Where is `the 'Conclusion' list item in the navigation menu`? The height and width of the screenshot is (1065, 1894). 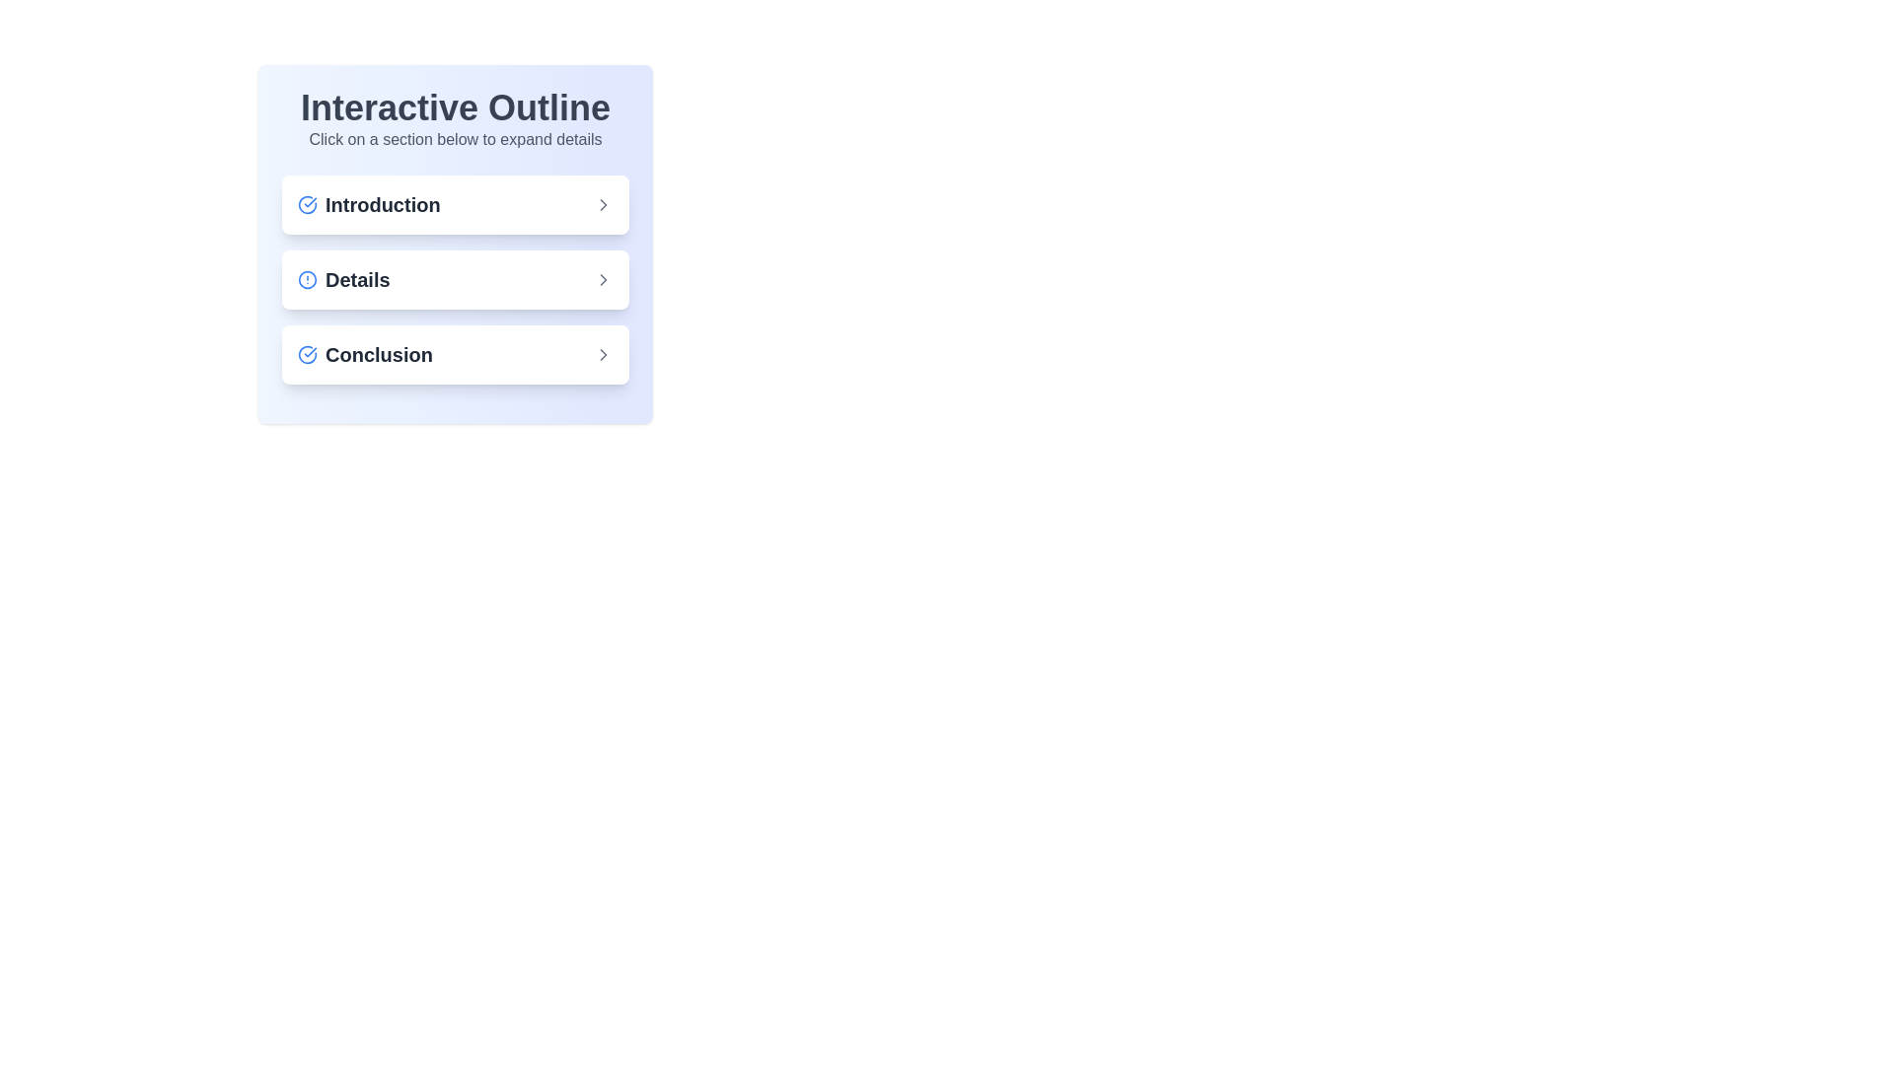
the 'Conclusion' list item in the navigation menu is located at coordinates (454, 353).